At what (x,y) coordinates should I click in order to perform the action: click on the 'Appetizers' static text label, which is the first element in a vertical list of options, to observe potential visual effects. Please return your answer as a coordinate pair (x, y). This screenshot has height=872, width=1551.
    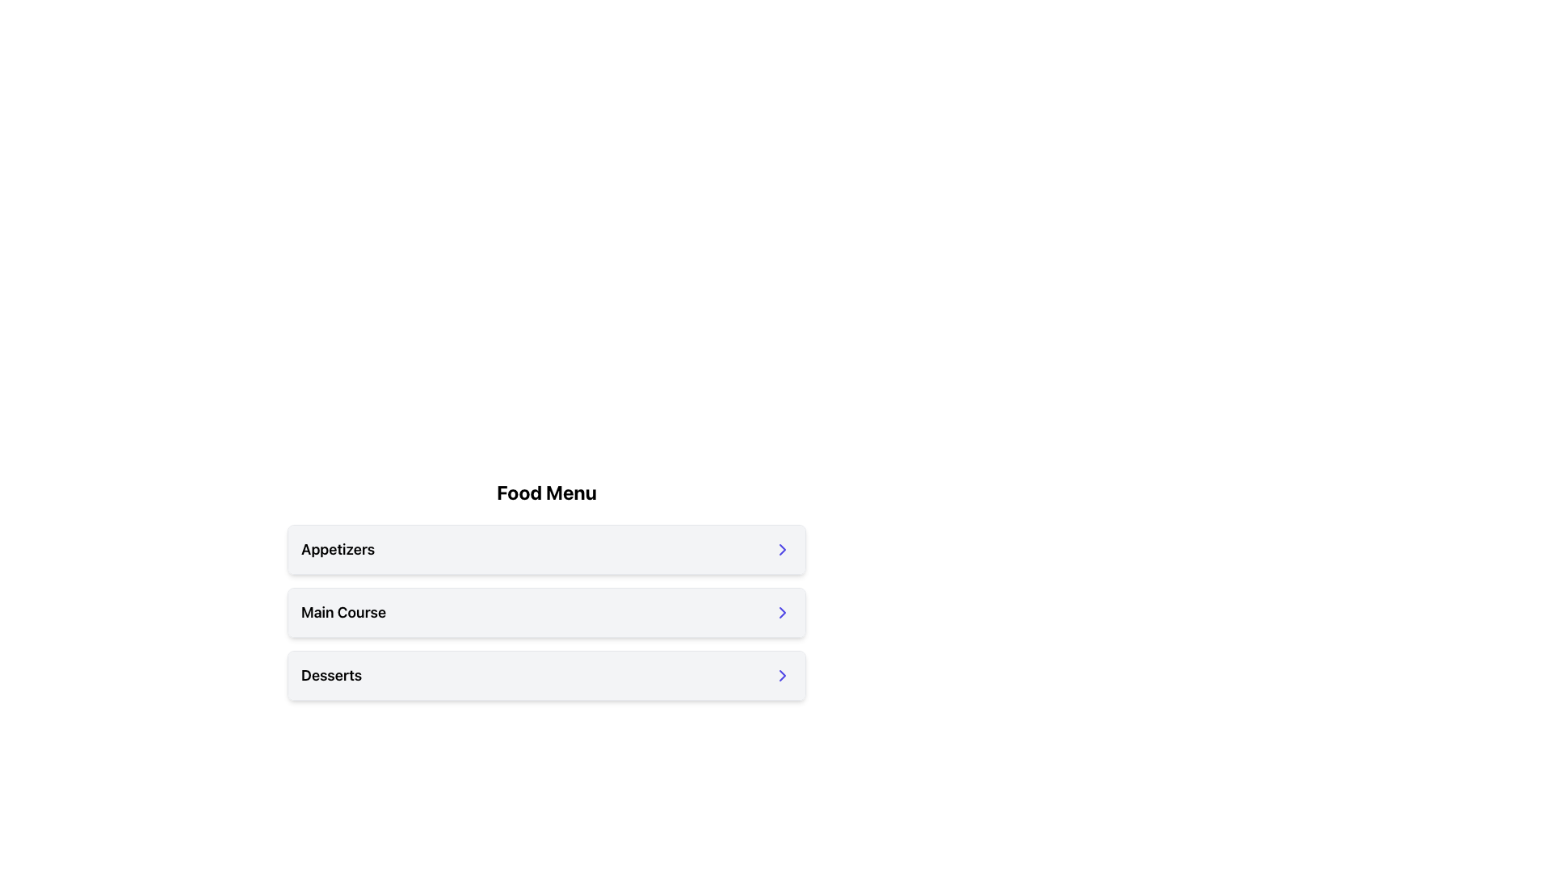
    Looking at the image, I should click on (337, 549).